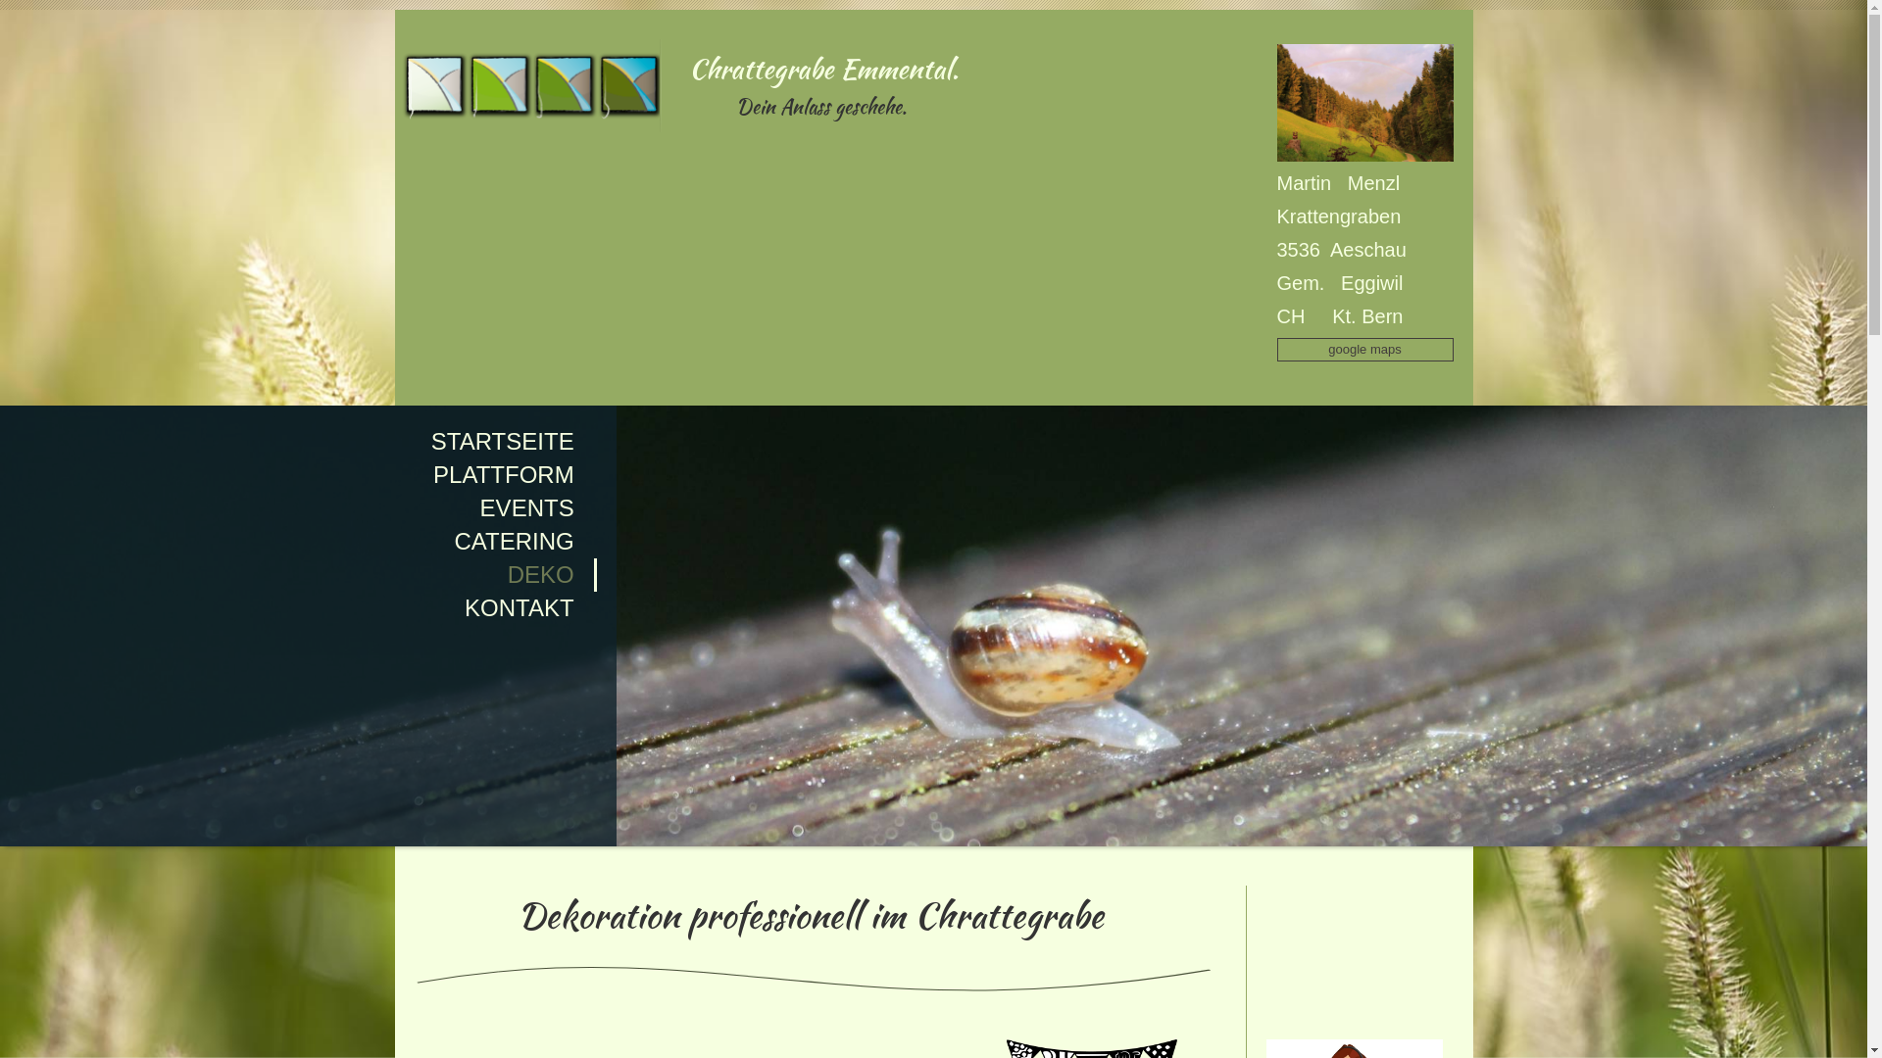 Image resolution: width=1882 pixels, height=1058 pixels. Describe the element at coordinates (1363, 349) in the screenshot. I see `'google maps'` at that location.